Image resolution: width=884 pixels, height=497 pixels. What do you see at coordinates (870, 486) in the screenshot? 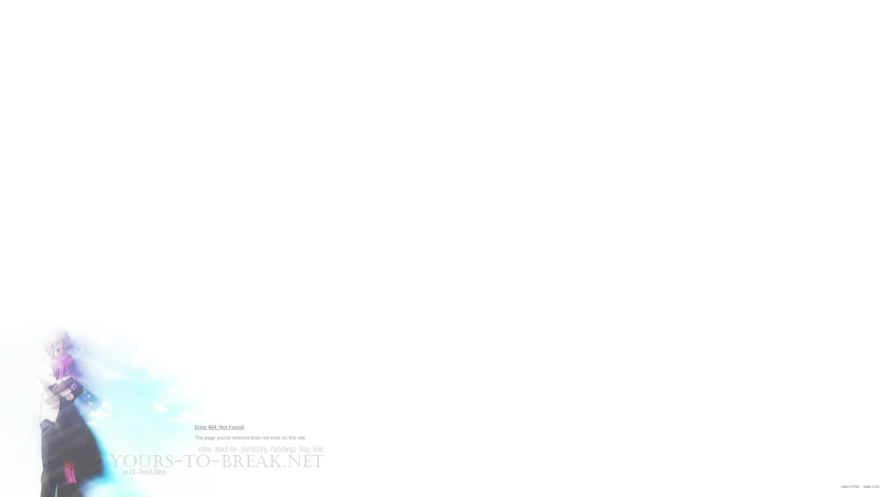
I see `'Valid CSS'` at bounding box center [870, 486].